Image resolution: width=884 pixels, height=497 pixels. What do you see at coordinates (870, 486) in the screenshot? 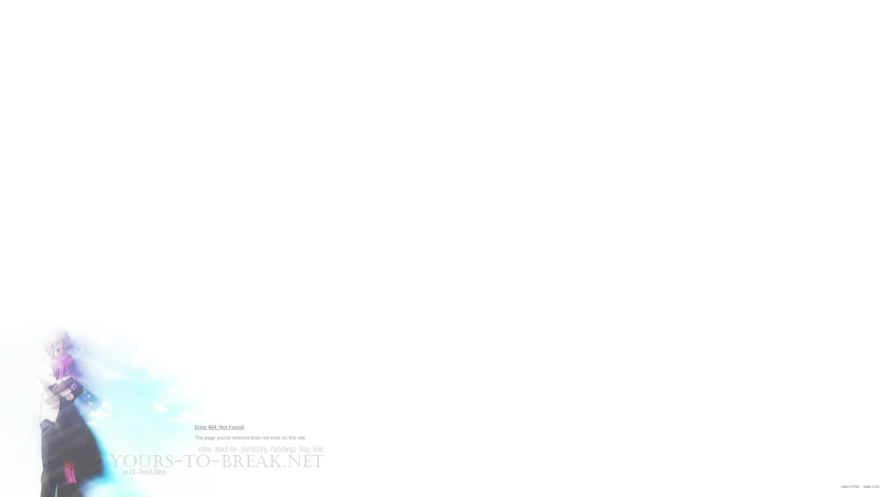
I see `'Valid CSS'` at bounding box center [870, 486].